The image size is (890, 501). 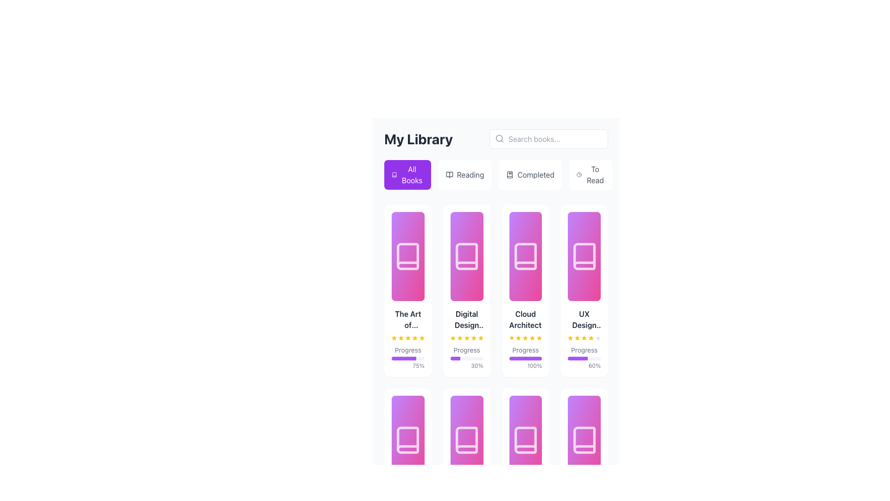 I want to click on the decorative icon representing a book entry located in the second column of the first row in a grid interface, below the header bar, so click(x=467, y=256).